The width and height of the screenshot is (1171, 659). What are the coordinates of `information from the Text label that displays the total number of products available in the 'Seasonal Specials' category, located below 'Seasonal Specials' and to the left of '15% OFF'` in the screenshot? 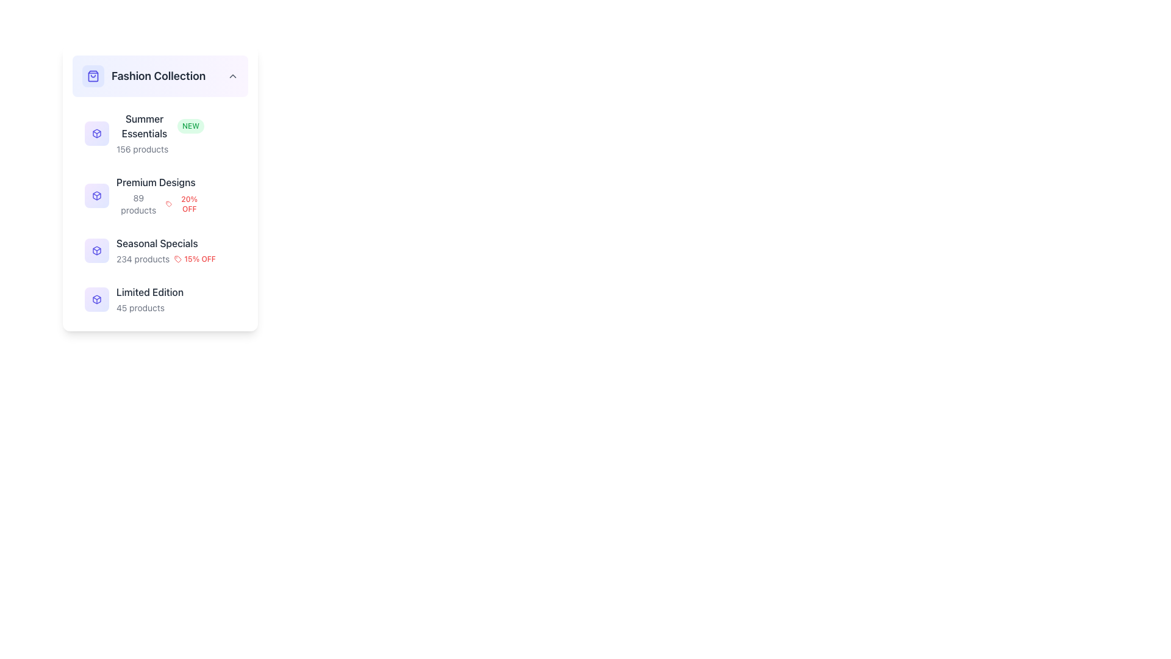 It's located at (143, 258).